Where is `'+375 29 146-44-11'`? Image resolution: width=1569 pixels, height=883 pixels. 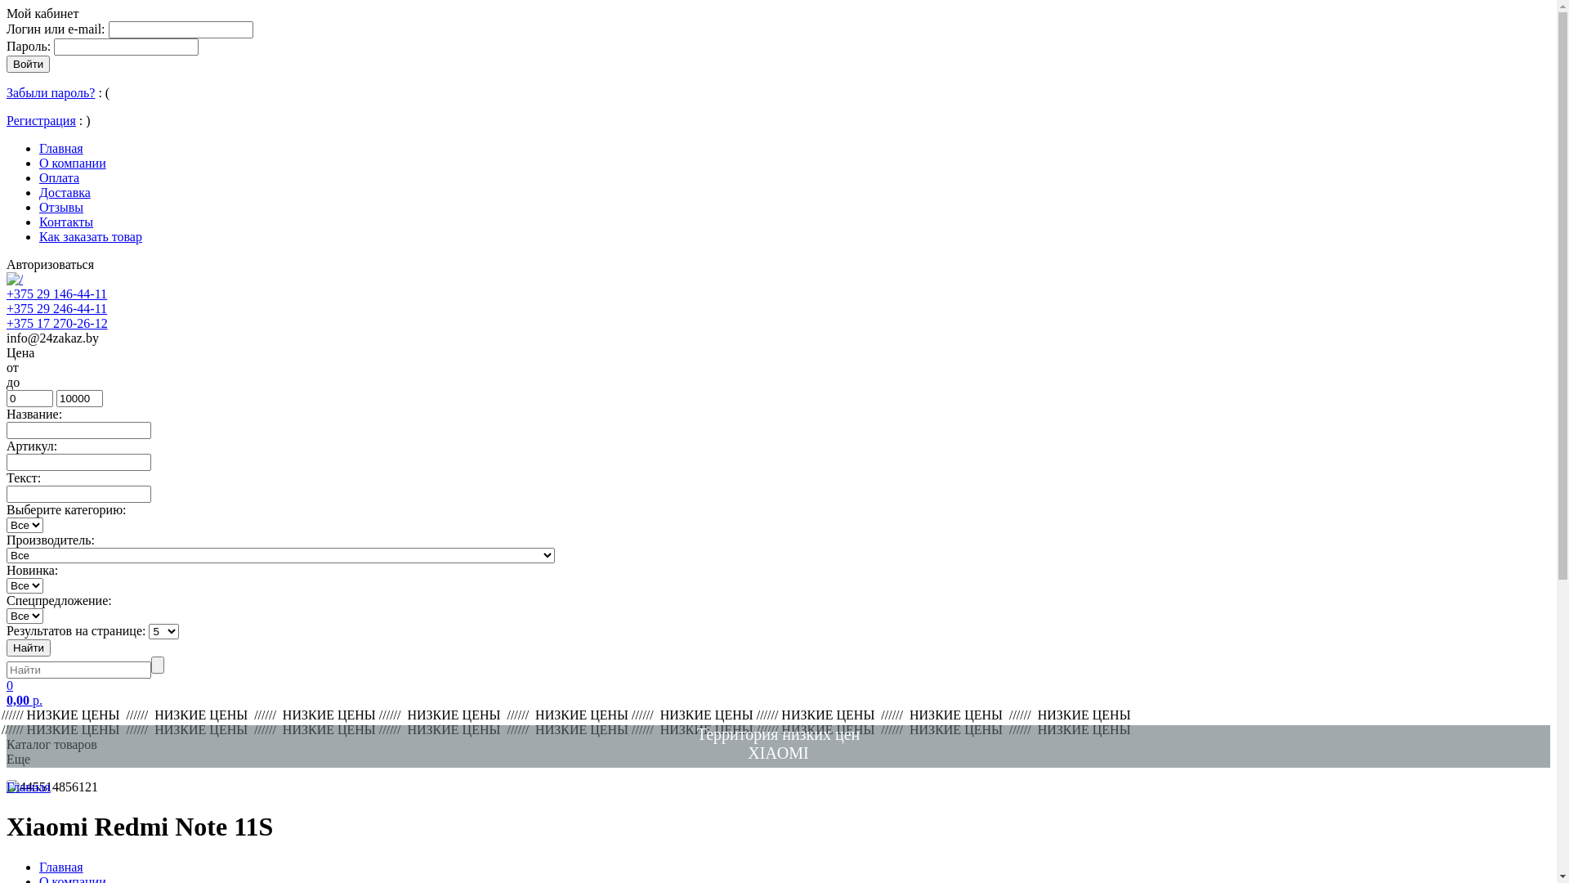
'+375 29 146-44-11' is located at coordinates (56, 293).